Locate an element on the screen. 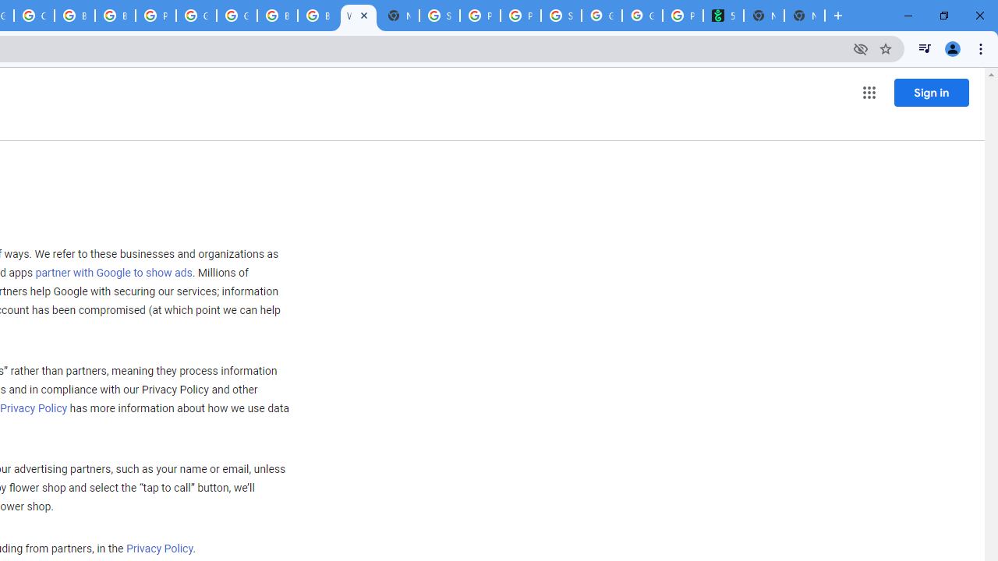 The image size is (998, 561). 'Sign in - Google Accounts' is located at coordinates (438, 16).